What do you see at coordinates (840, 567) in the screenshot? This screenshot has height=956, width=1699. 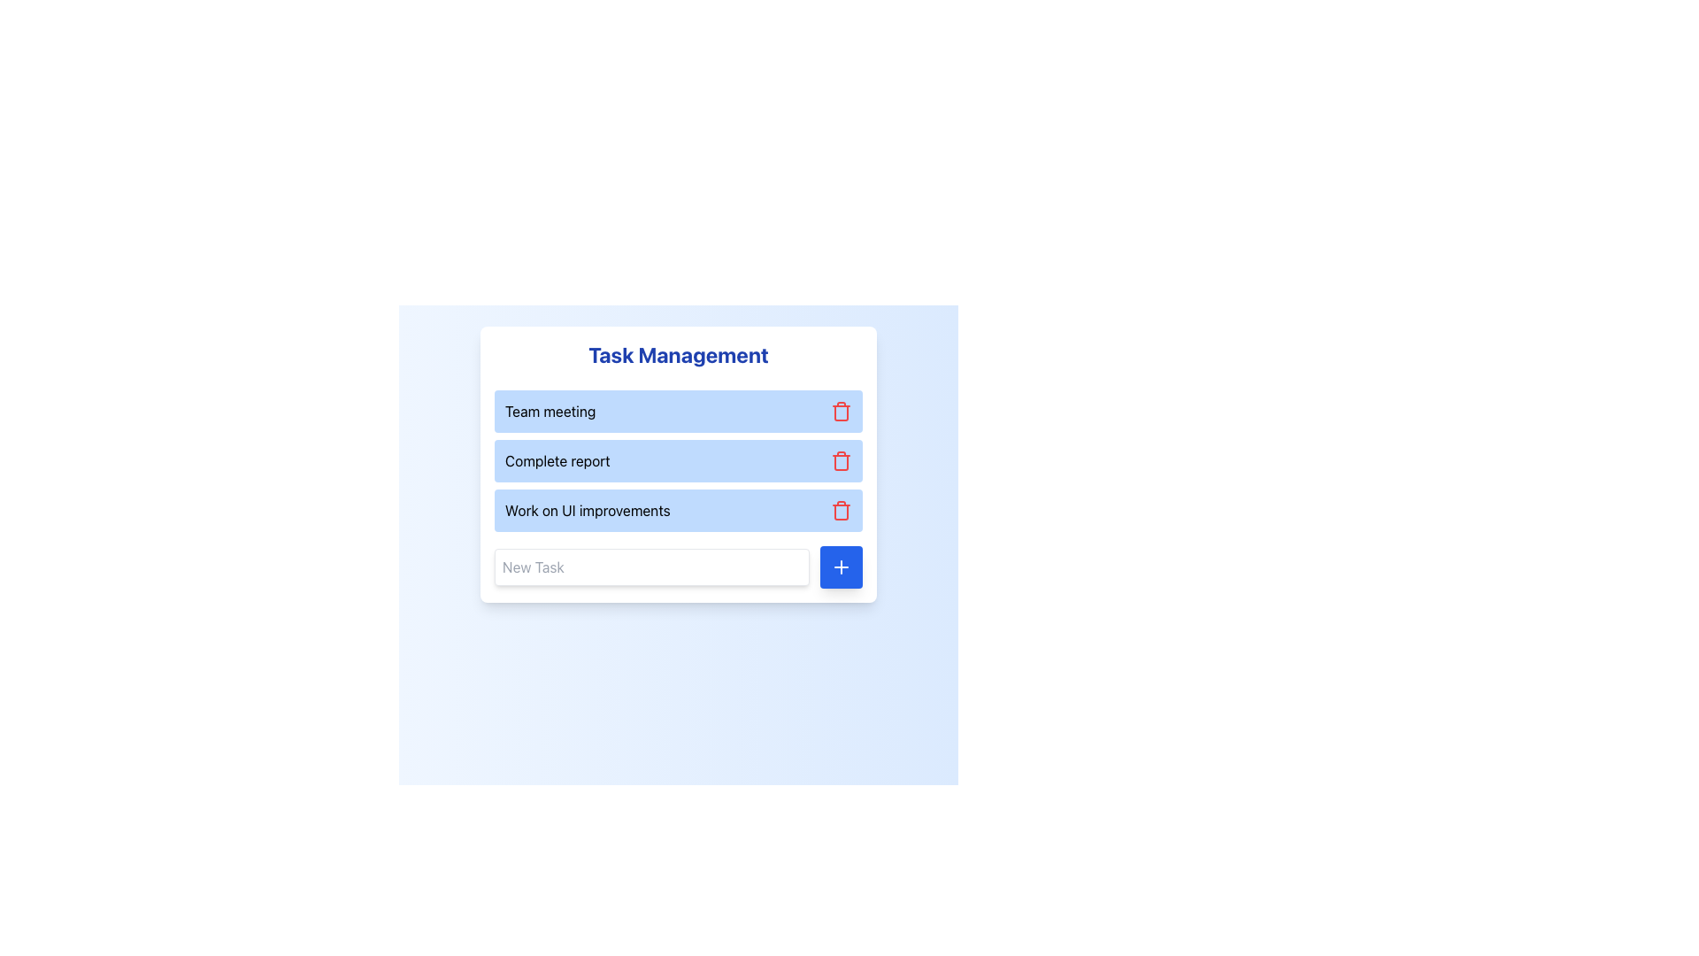 I see `the add/create button located at the bottom-right corner of the task input field` at bounding box center [840, 567].